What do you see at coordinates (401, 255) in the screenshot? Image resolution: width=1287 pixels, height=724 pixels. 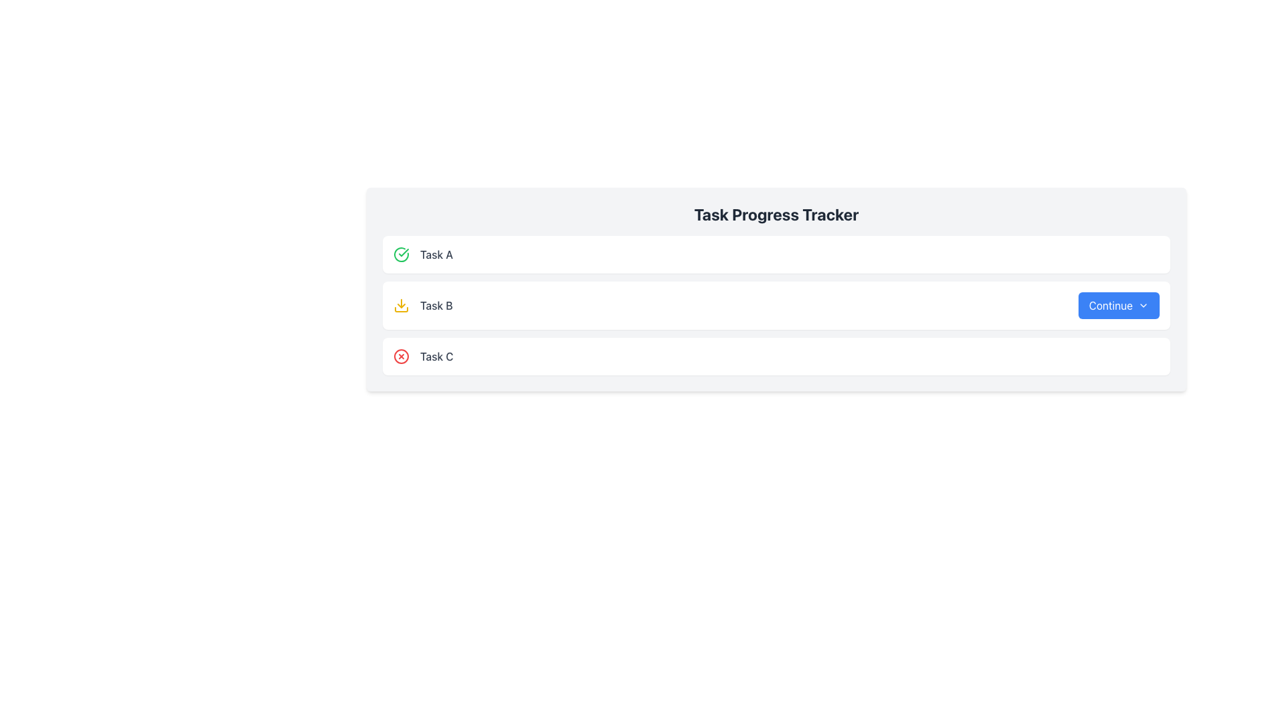 I see `the completion status icon for 'Task A'` at bounding box center [401, 255].